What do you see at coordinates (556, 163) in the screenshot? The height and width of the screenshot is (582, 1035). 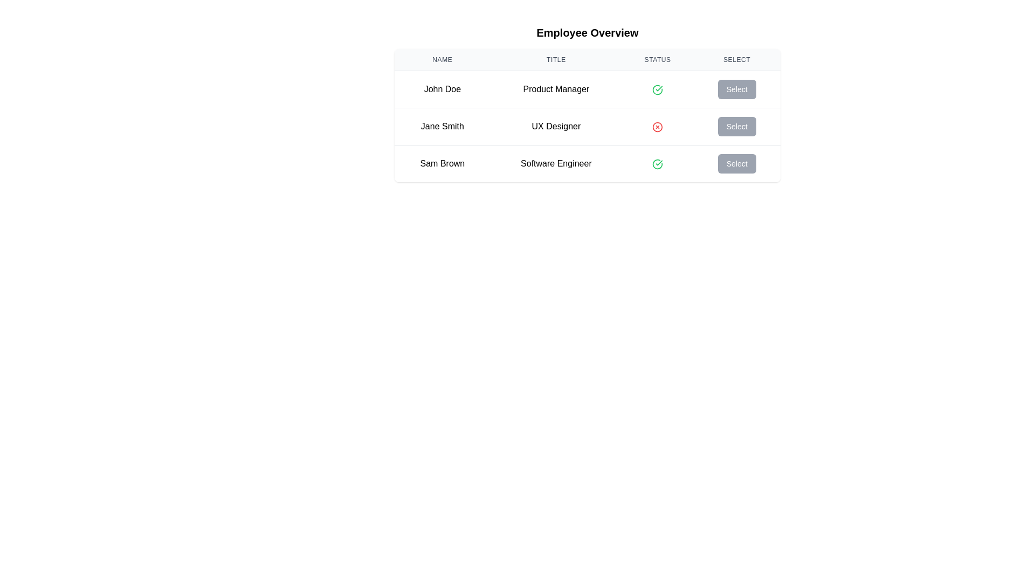 I see `the static text element displaying 'Software Engineer' in the structured grid under the 'TITLE' column, located in the second cell of the third row` at bounding box center [556, 163].